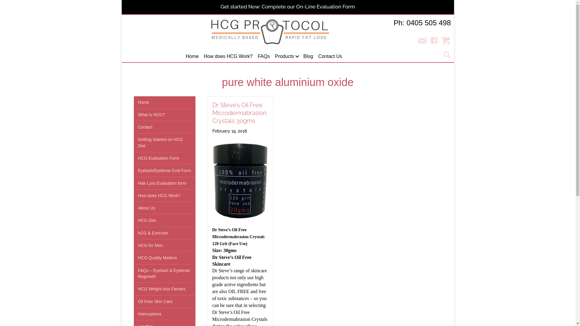 The image size is (580, 326). I want to click on 'Products', so click(286, 56).